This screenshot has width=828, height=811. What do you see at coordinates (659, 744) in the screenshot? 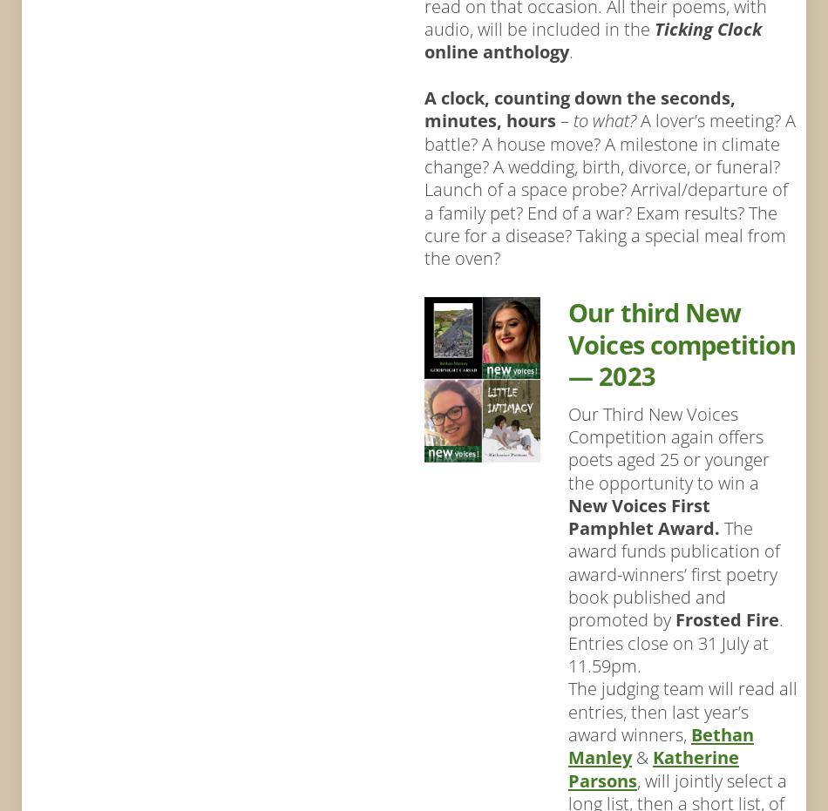
I see `'Bethan Manley'` at bounding box center [659, 744].